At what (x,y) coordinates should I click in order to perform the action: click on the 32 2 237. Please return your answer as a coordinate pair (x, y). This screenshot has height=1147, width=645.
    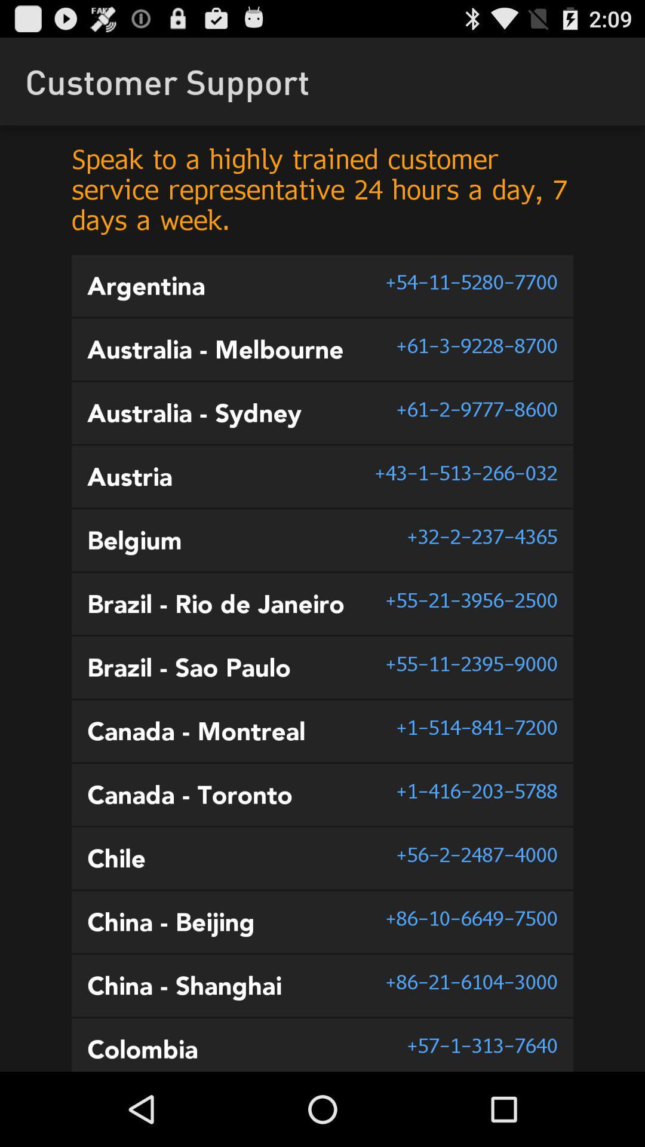
    Looking at the image, I should click on (481, 536).